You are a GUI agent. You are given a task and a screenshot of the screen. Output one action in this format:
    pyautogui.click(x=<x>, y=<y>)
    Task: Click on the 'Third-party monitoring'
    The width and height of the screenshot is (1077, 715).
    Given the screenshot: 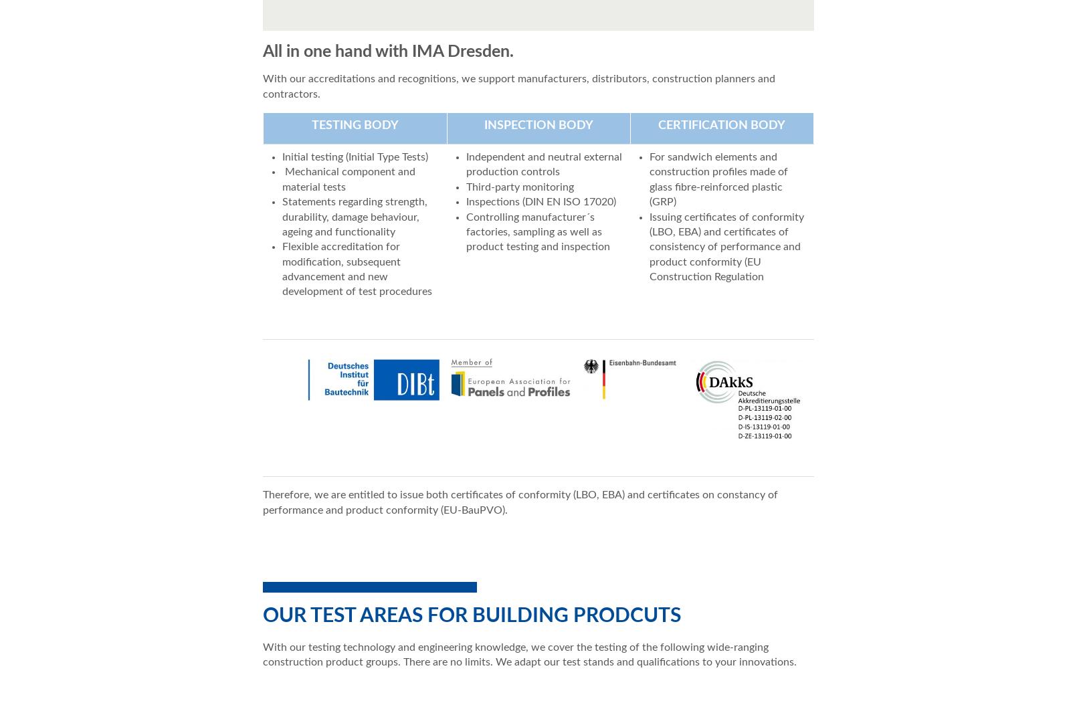 What is the action you would take?
    pyautogui.click(x=518, y=186)
    